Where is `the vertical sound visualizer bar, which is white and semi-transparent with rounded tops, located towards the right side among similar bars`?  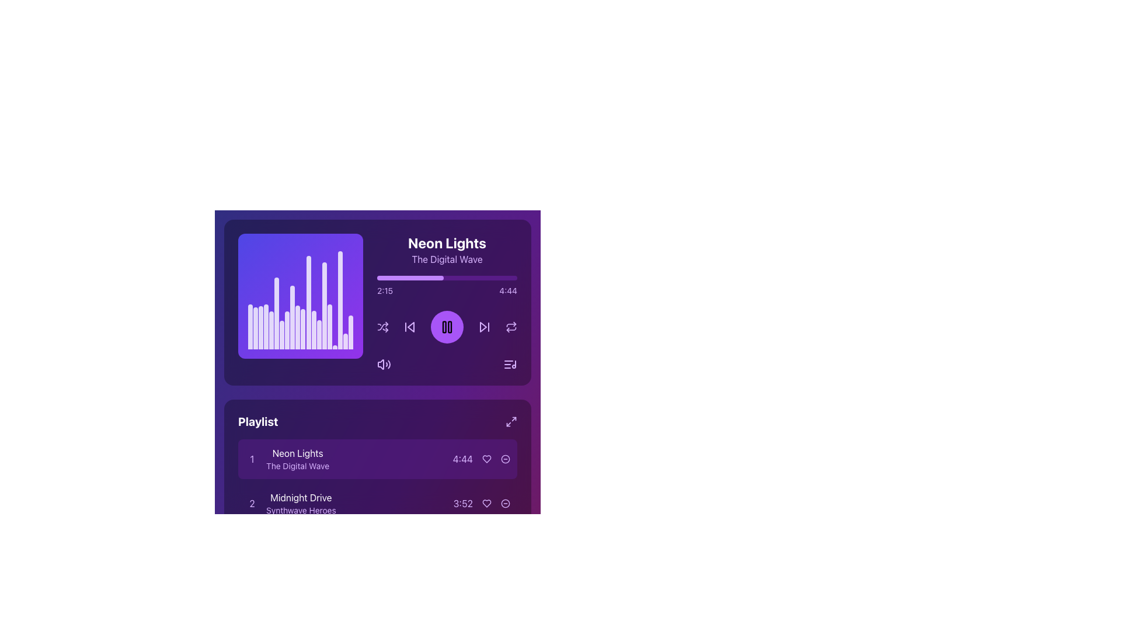 the vertical sound visualizer bar, which is white and semi-transparent with rounded tops, located towards the right side among similar bars is located at coordinates (340, 300).